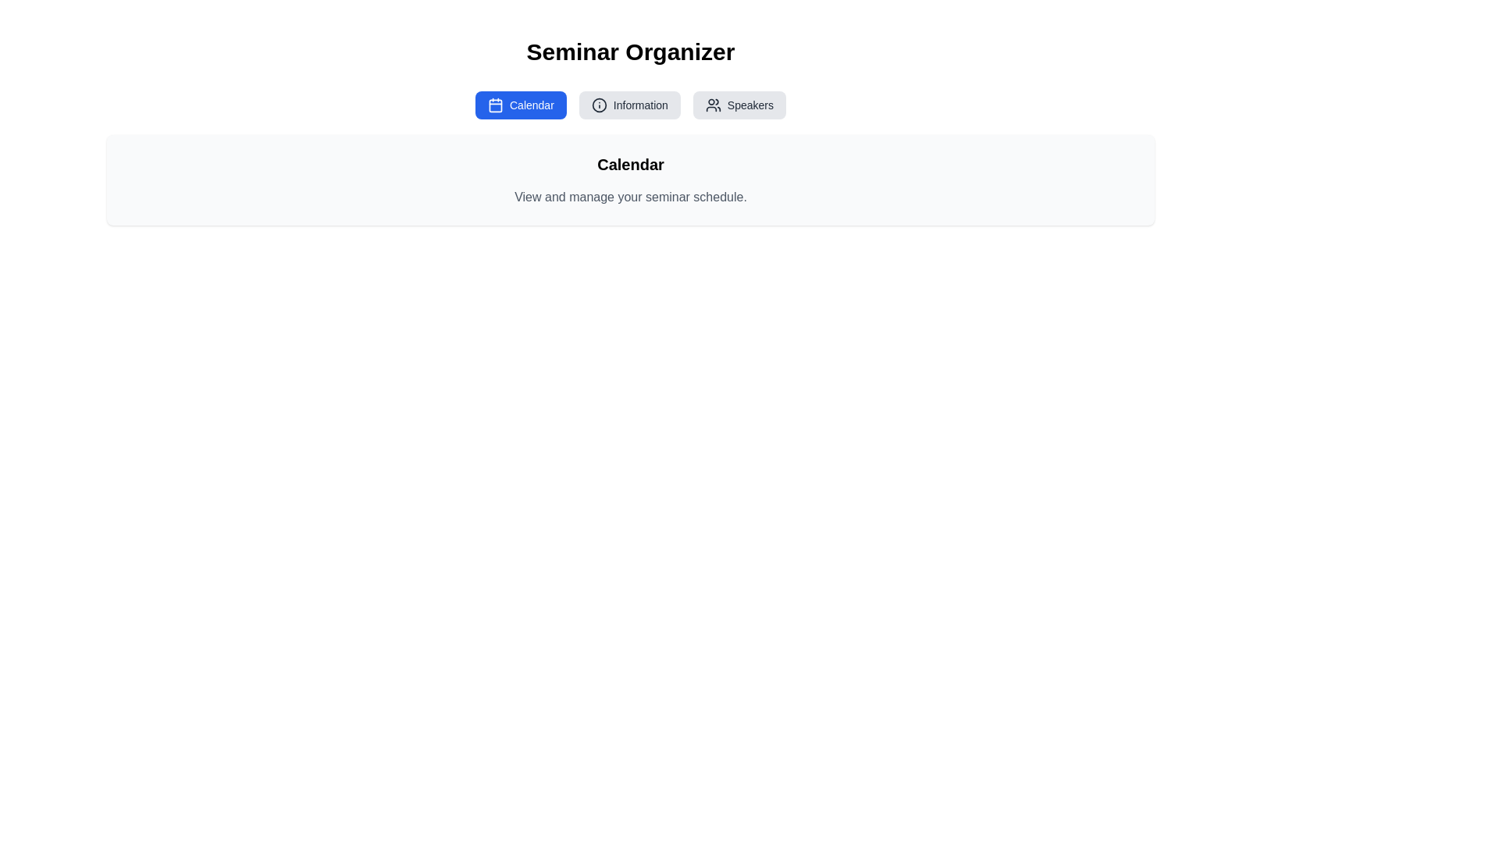 Image resolution: width=1499 pixels, height=843 pixels. I want to click on the Speakers tab, so click(738, 105).